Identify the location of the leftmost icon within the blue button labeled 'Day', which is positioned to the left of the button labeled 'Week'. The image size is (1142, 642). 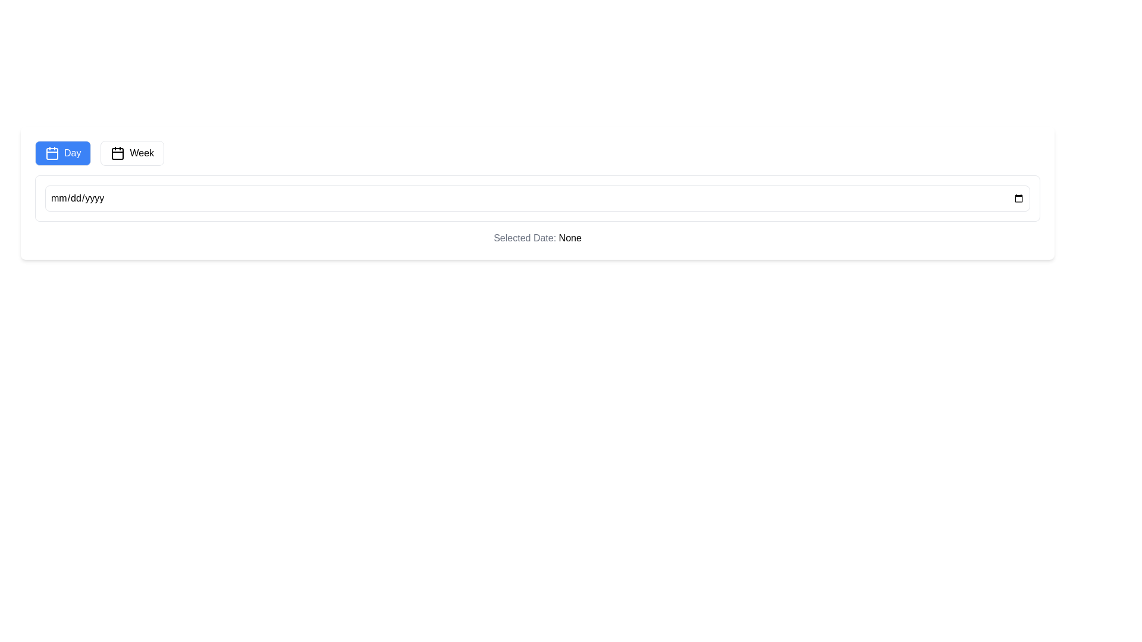
(51, 153).